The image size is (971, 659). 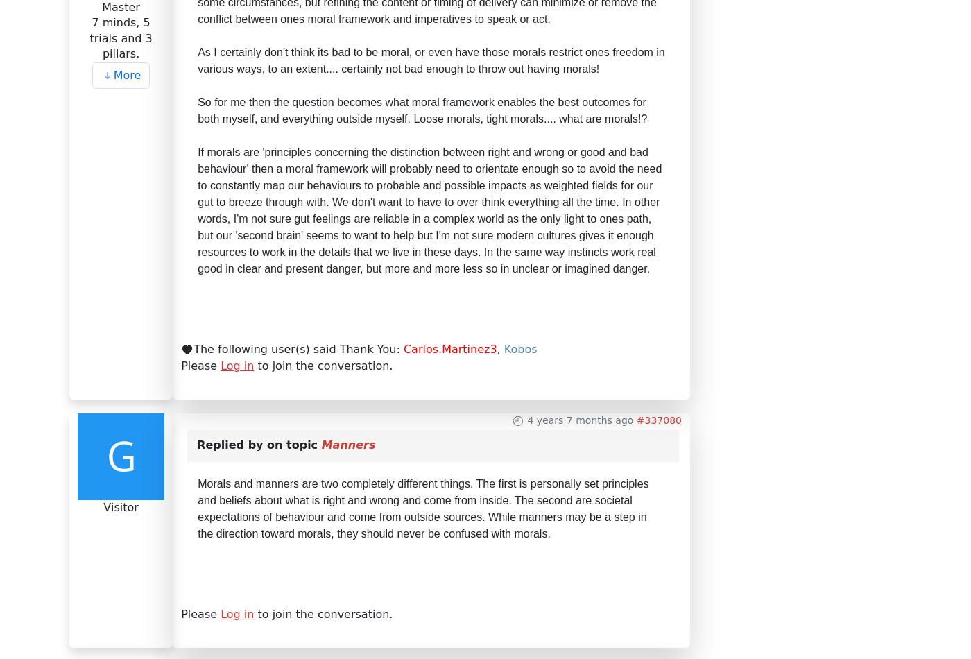 What do you see at coordinates (169, 284) in the screenshot?
I see `'OUTER RIM'` at bounding box center [169, 284].